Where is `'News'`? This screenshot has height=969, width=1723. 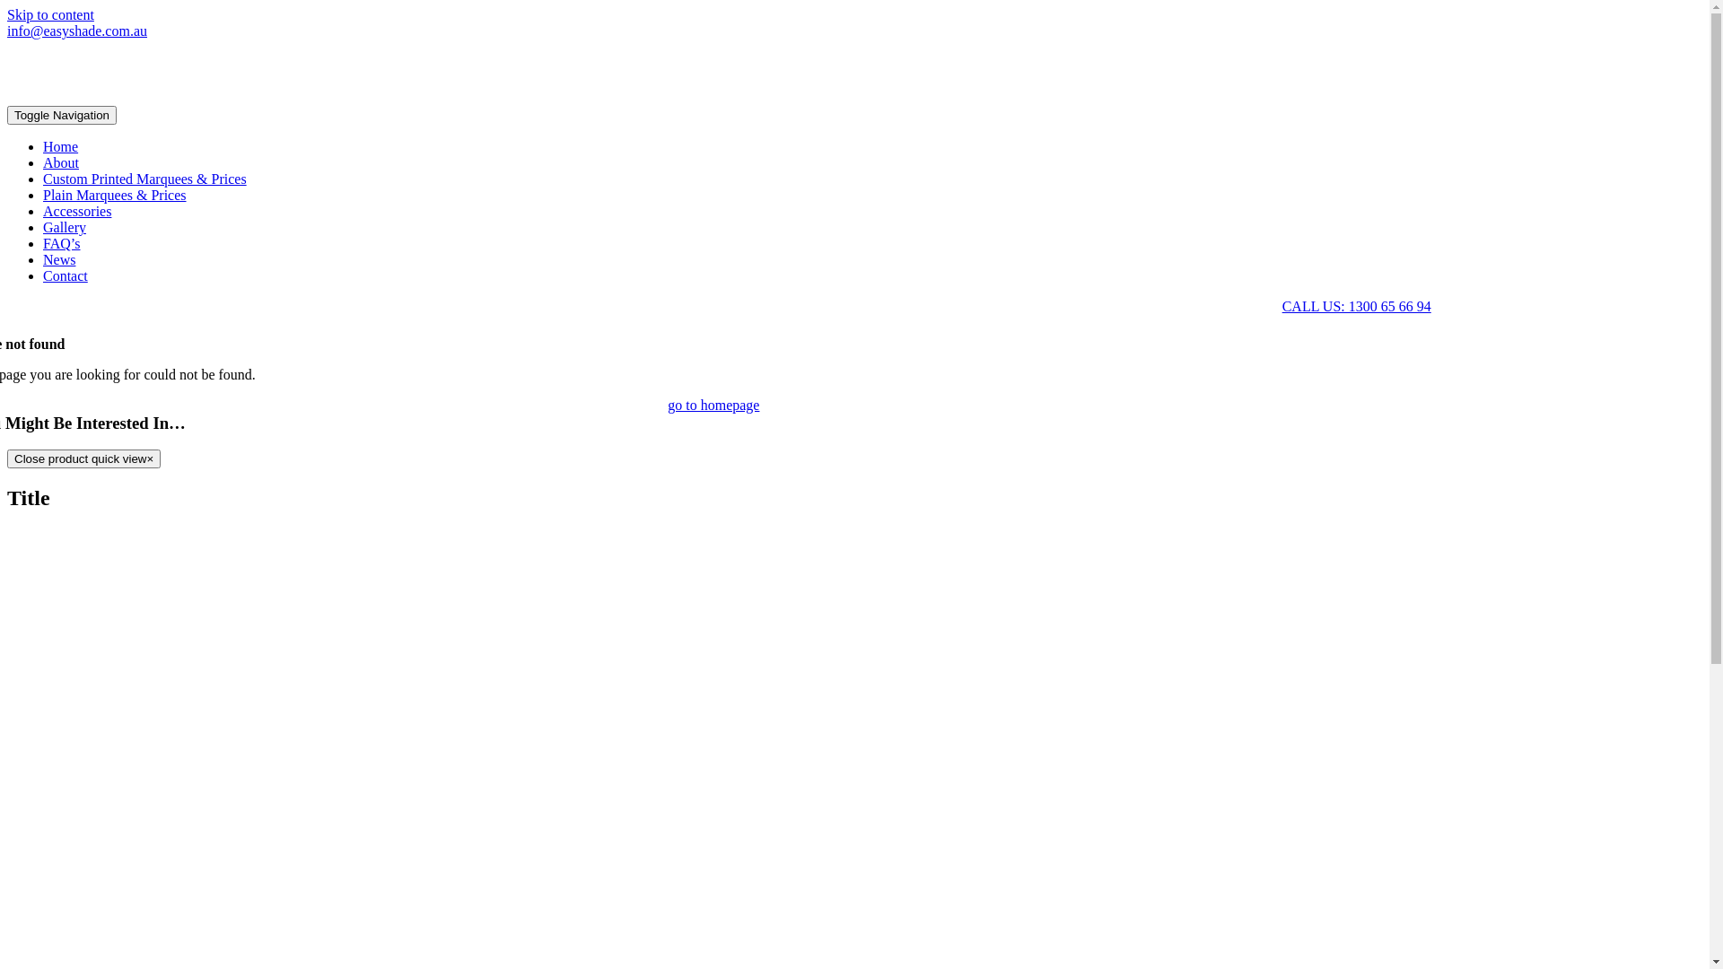
'News' is located at coordinates (59, 259).